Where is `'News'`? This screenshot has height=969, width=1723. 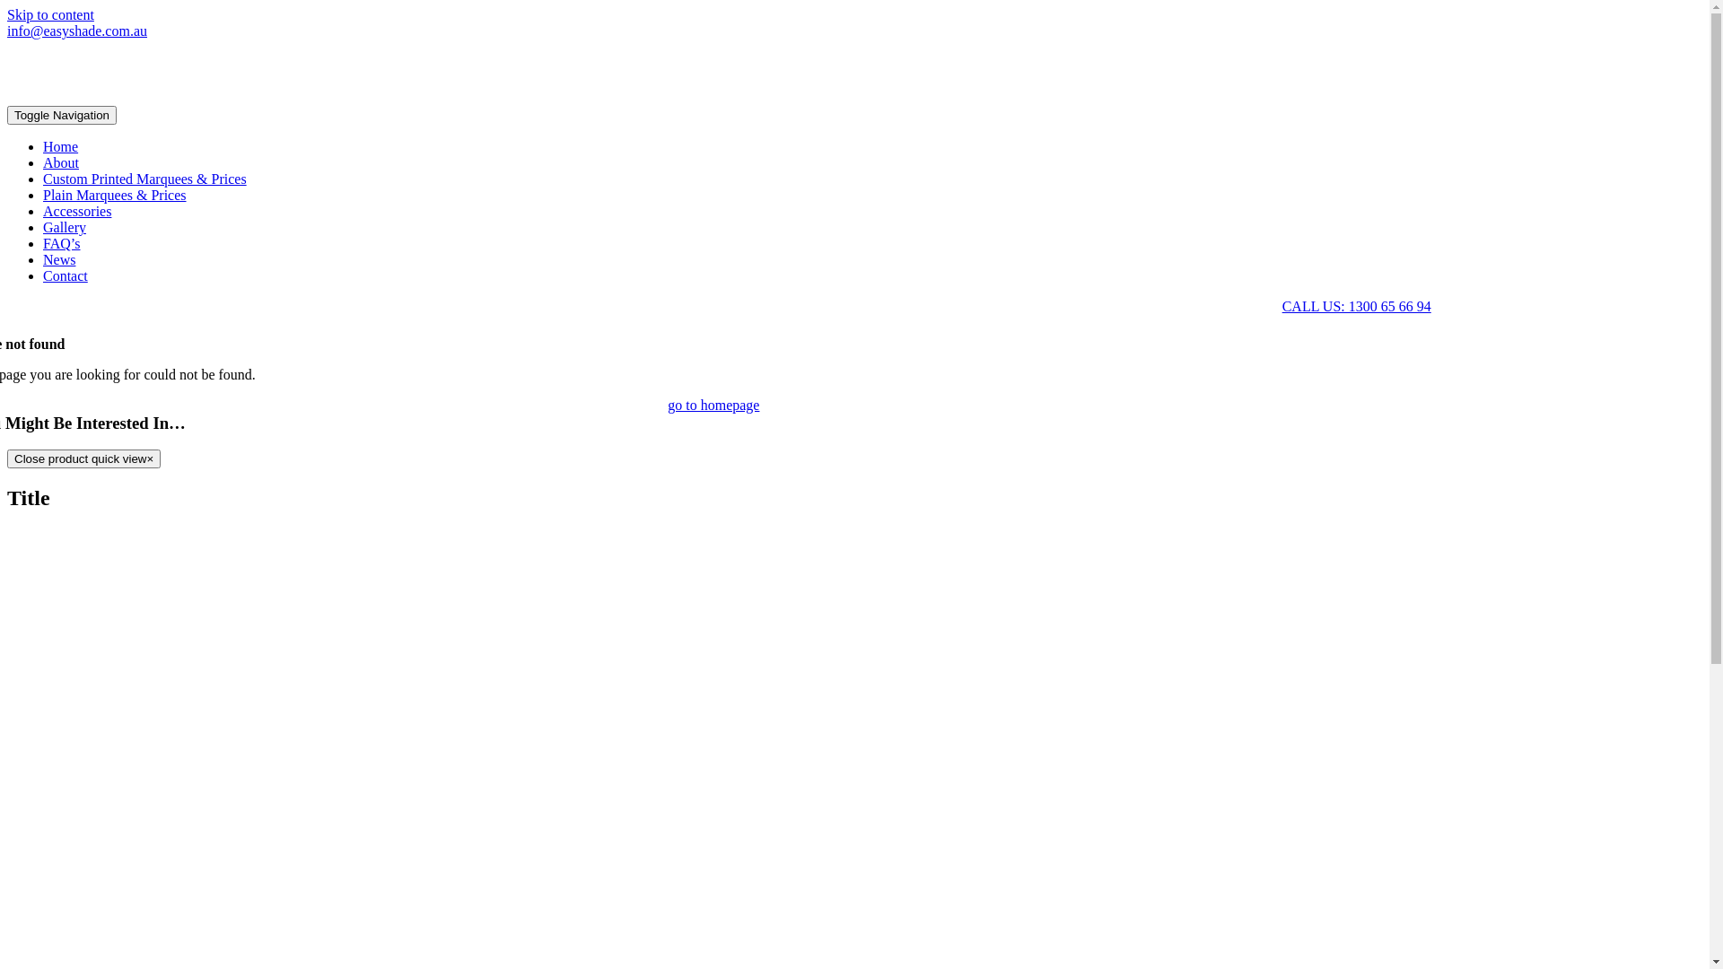
'News' is located at coordinates (59, 259).